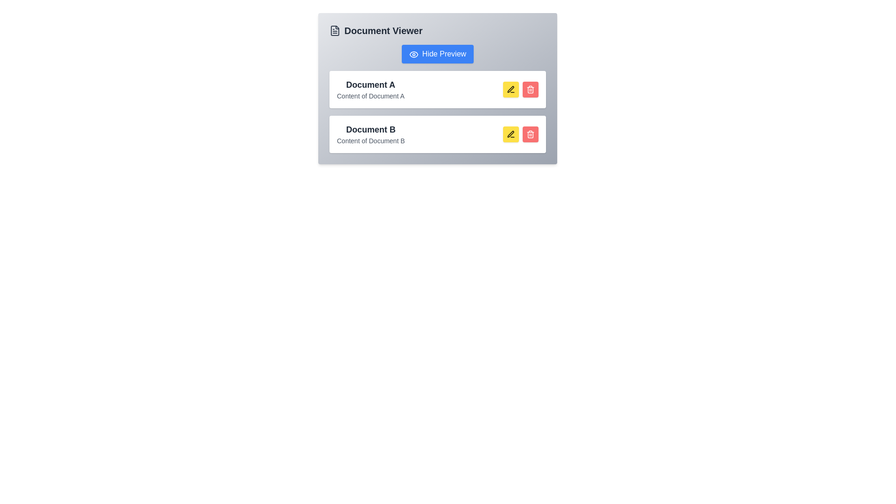 Image resolution: width=896 pixels, height=504 pixels. What do you see at coordinates (437, 54) in the screenshot?
I see `the toggle visibility button located at the top of the document viewer interface to observe potential visual effects` at bounding box center [437, 54].